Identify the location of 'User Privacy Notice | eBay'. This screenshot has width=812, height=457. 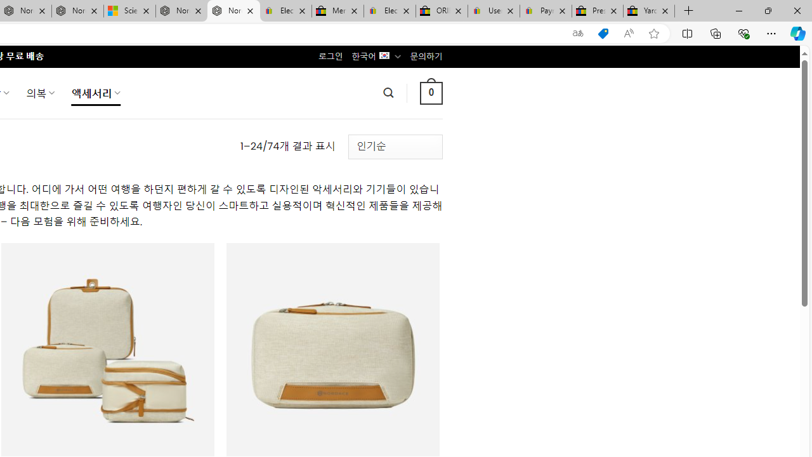
(493, 11).